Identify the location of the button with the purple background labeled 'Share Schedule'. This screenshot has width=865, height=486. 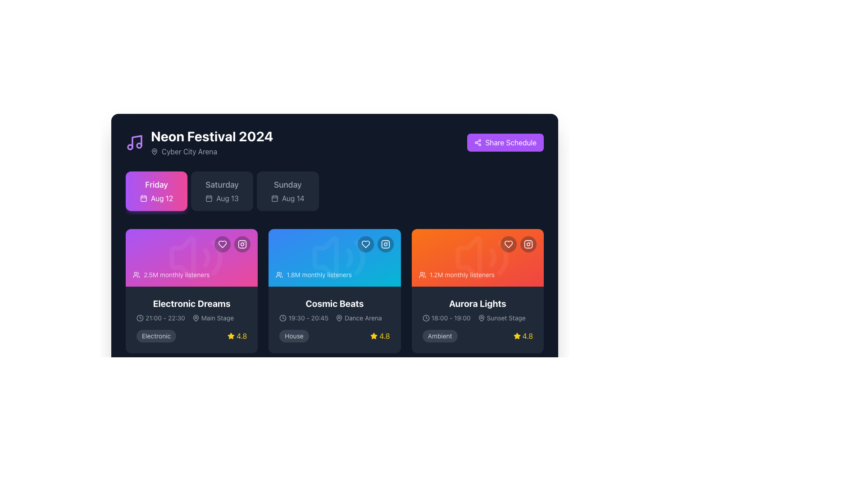
(505, 142).